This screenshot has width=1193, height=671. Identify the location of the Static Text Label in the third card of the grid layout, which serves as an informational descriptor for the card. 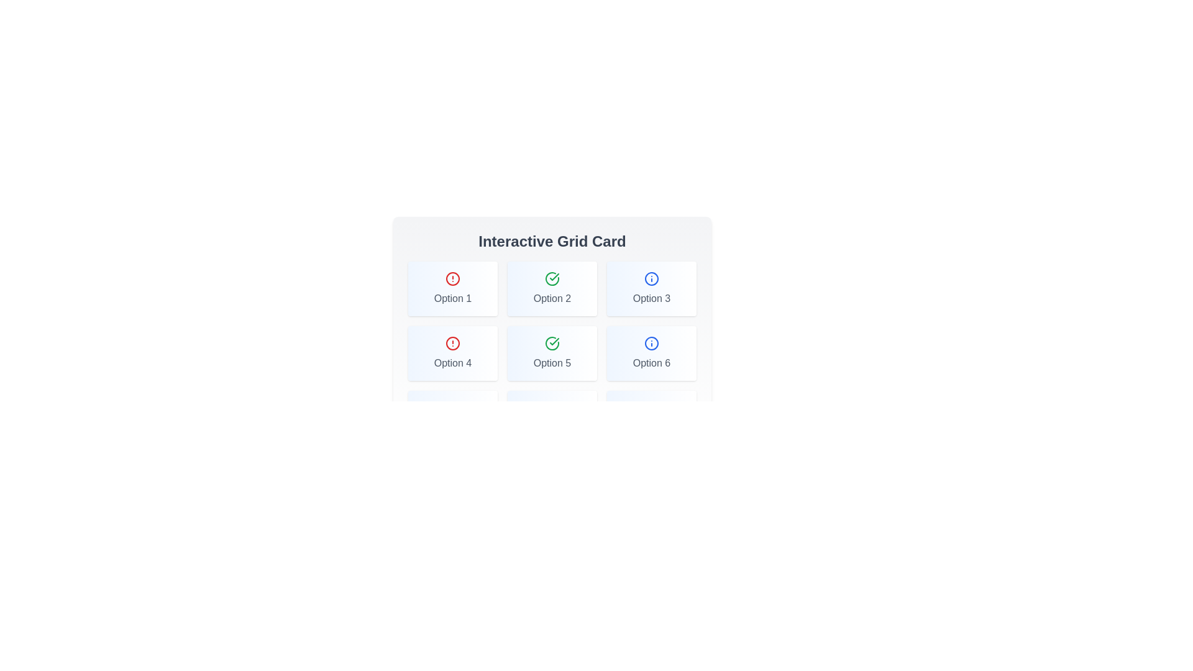
(651, 299).